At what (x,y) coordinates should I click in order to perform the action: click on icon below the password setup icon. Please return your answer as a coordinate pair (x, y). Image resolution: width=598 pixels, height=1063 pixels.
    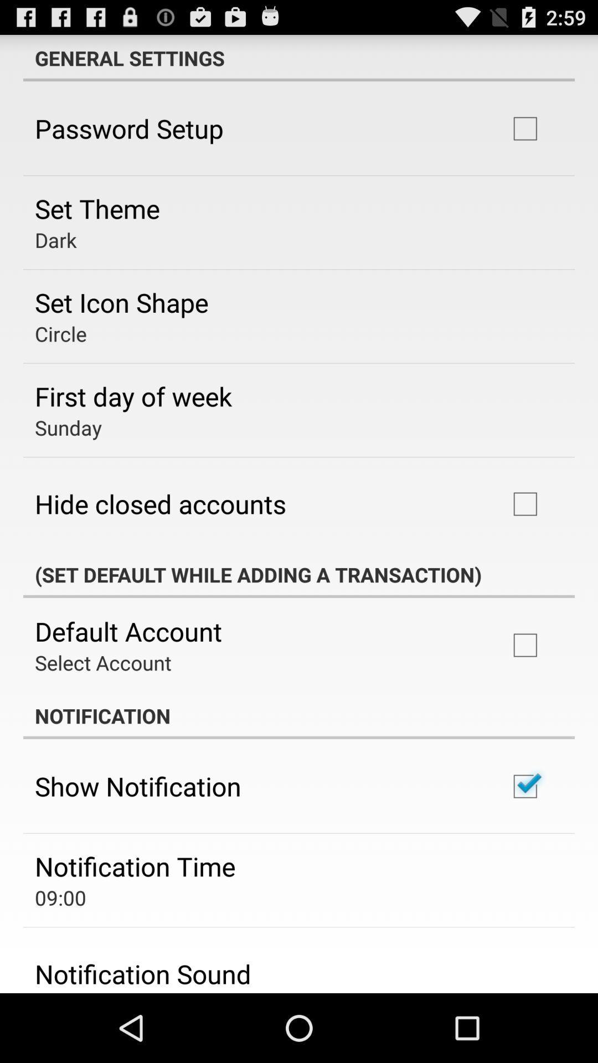
    Looking at the image, I should click on (96, 208).